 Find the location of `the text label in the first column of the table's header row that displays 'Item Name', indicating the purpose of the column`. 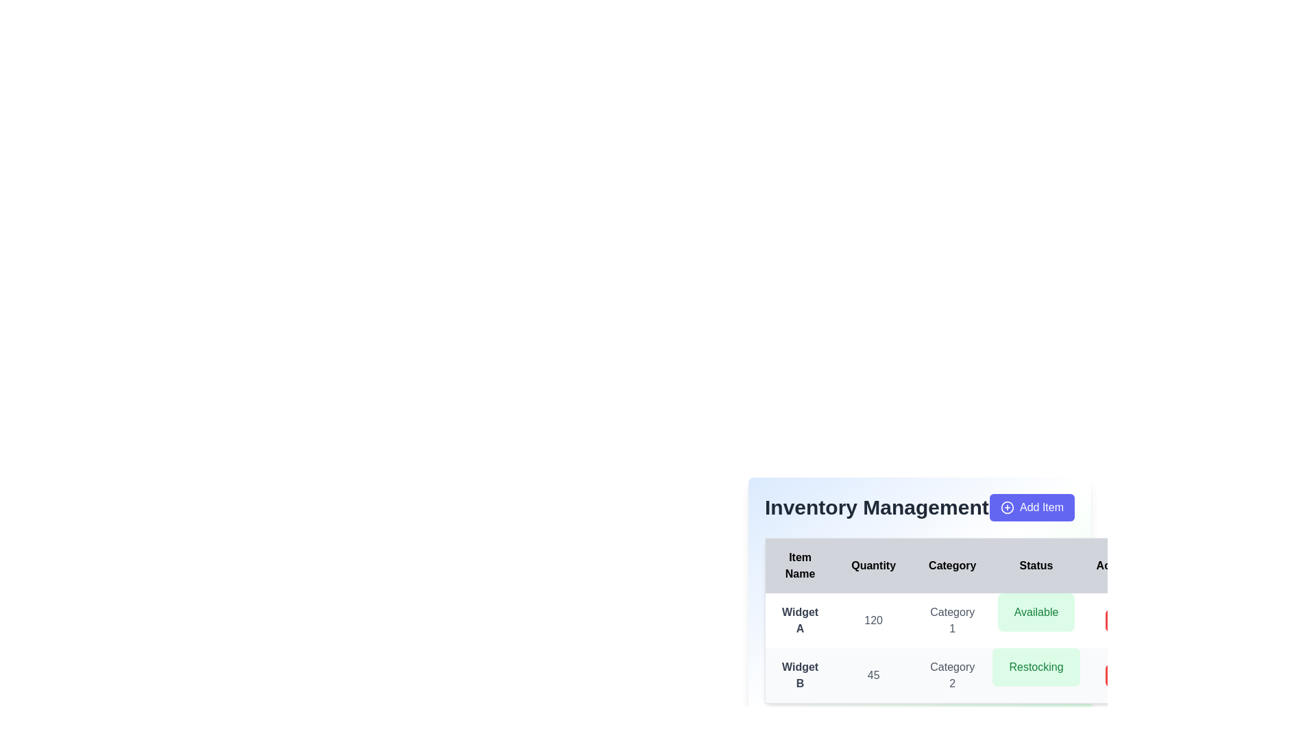

the text label in the first column of the table's header row that displays 'Item Name', indicating the purpose of the column is located at coordinates (800, 565).